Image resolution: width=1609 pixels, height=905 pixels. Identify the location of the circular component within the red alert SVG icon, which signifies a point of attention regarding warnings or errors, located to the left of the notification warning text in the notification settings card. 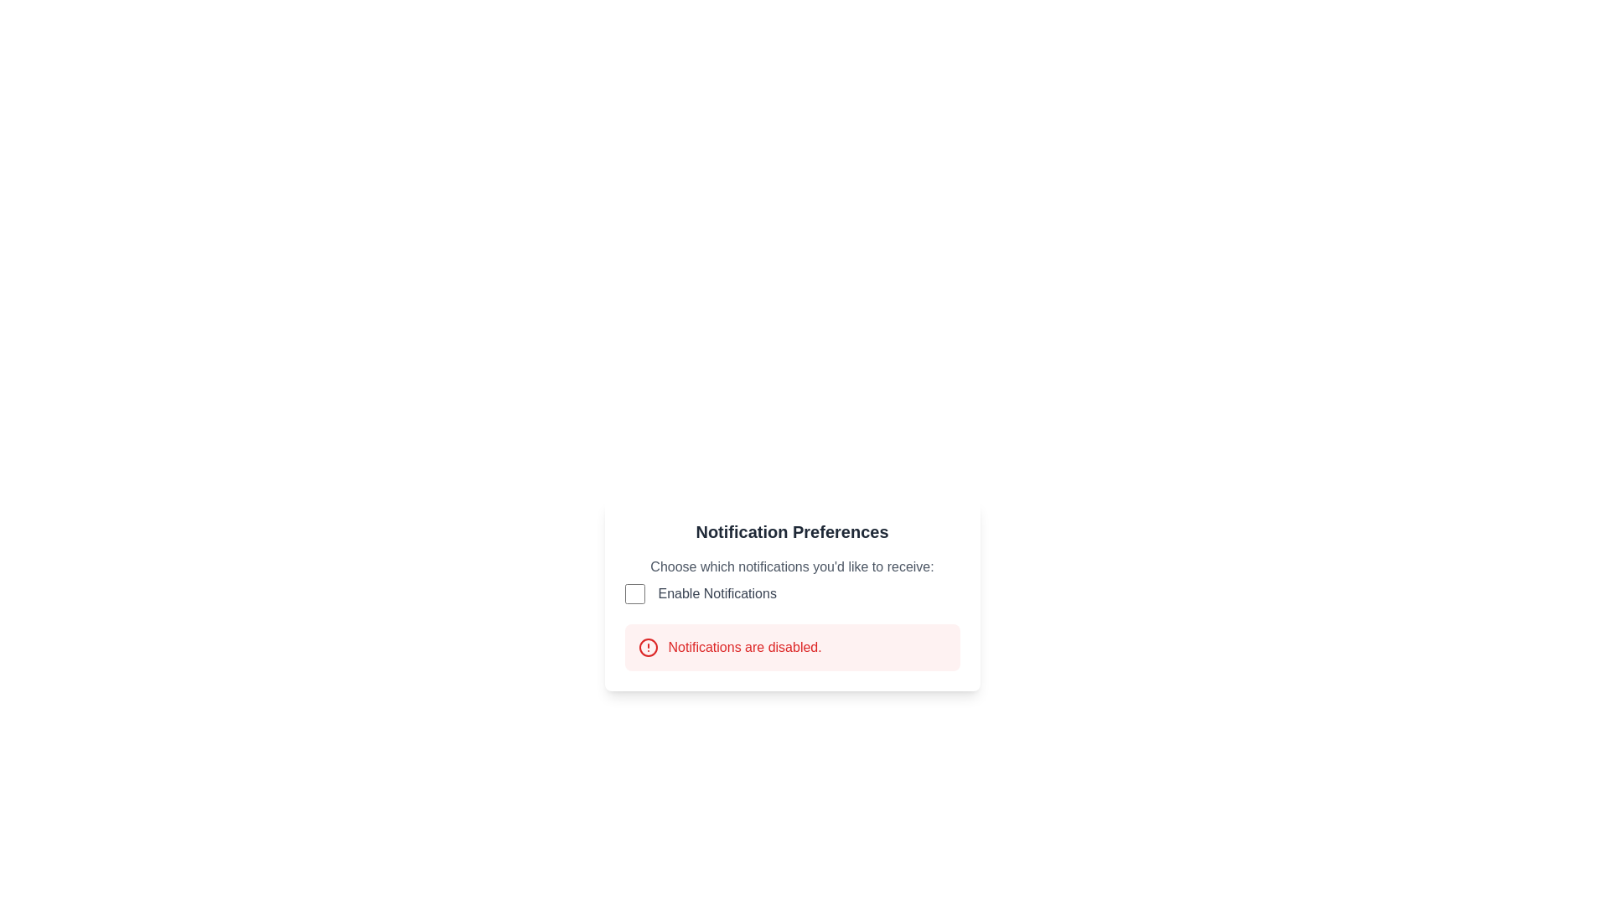
(647, 646).